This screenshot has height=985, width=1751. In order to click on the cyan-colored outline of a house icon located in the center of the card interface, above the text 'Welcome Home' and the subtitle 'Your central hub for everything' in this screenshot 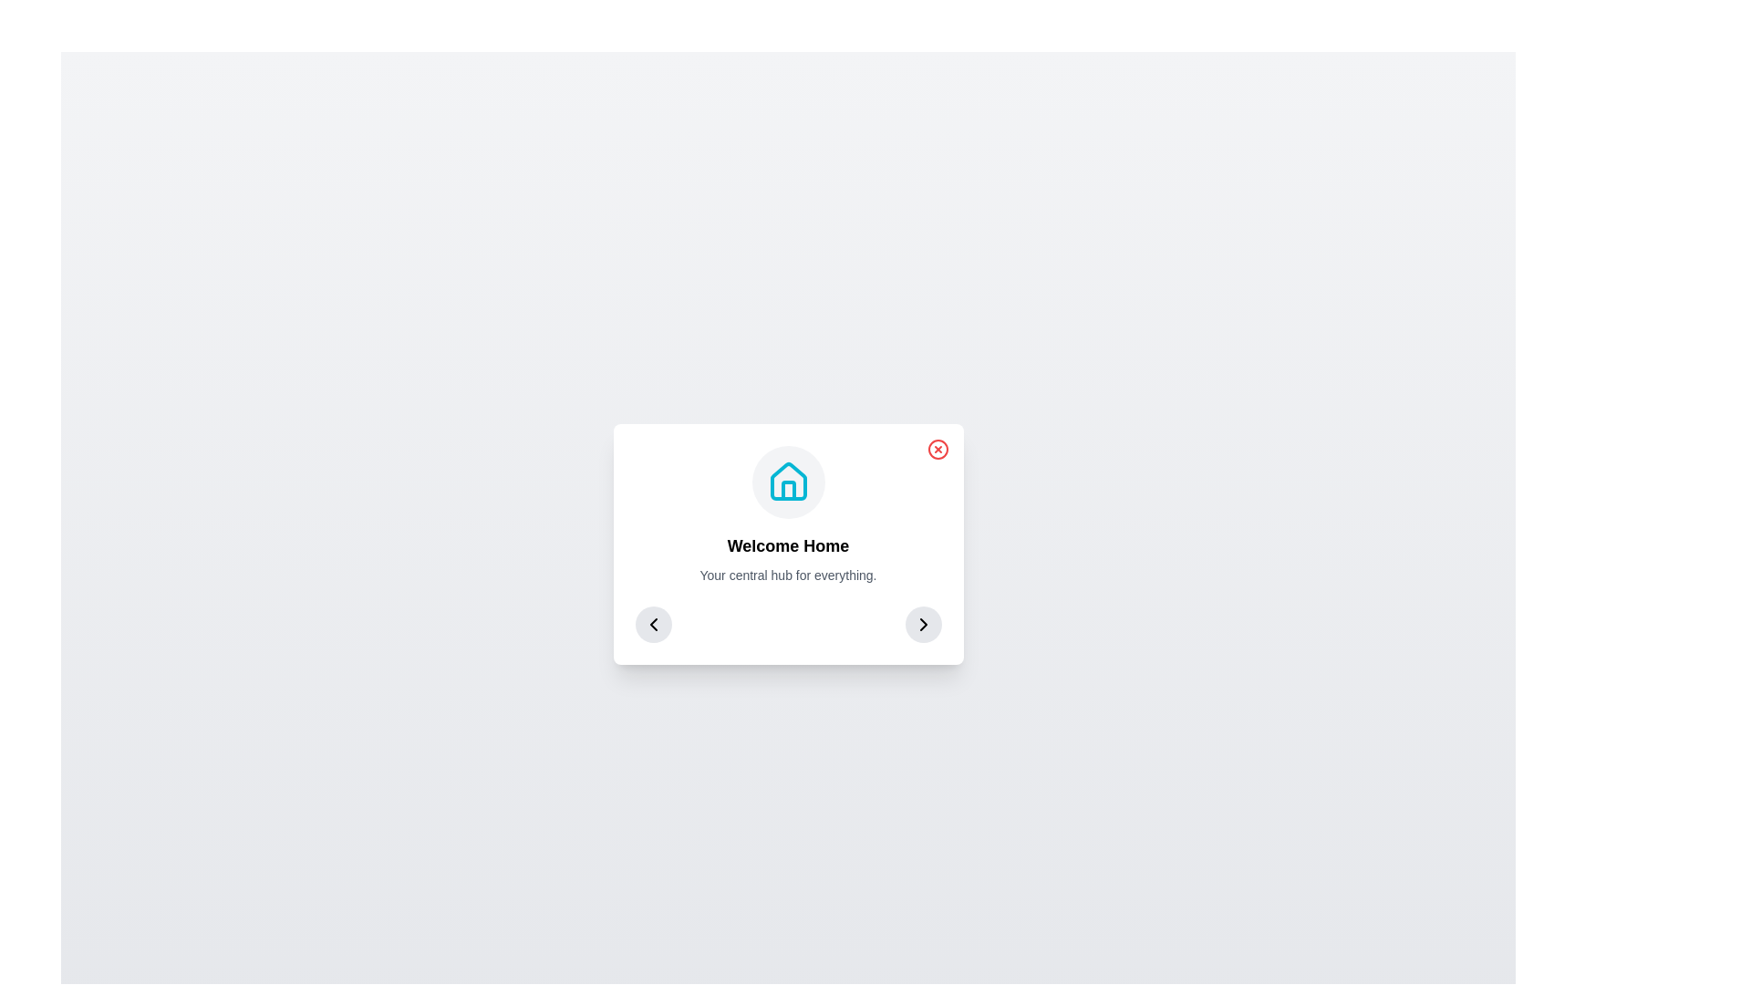, I will do `click(788, 481)`.